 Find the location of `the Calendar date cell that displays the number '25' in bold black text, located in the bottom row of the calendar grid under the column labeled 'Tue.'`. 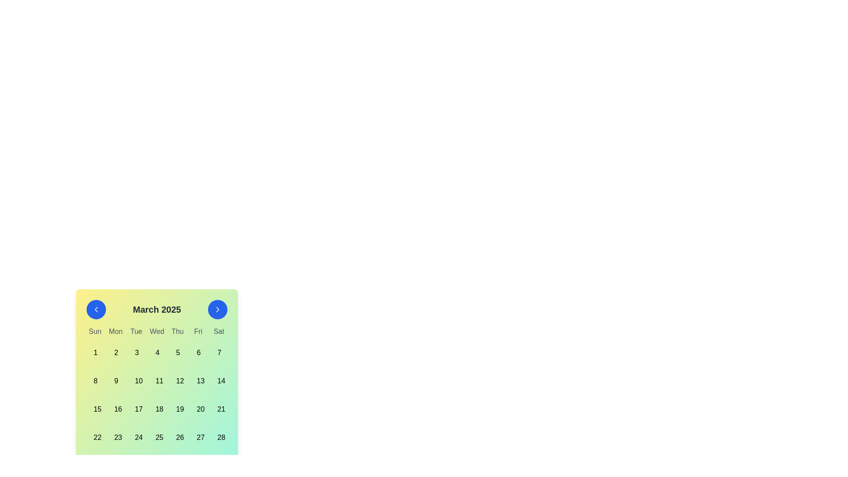

the Calendar date cell that displays the number '25' in bold black text, located in the bottom row of the calendar grid under the column labeled 'Tue.' is located at coordinates (157, 438).